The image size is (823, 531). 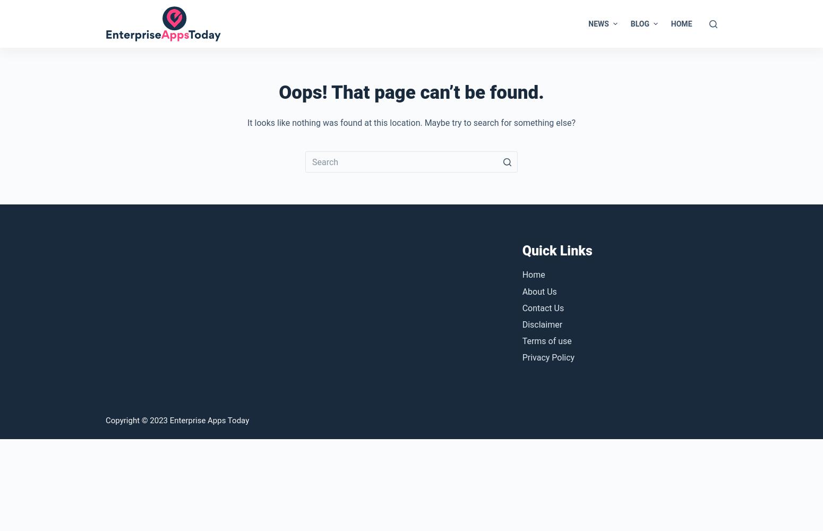 I want to click on 'Reviews', so click(x=633, y=119).